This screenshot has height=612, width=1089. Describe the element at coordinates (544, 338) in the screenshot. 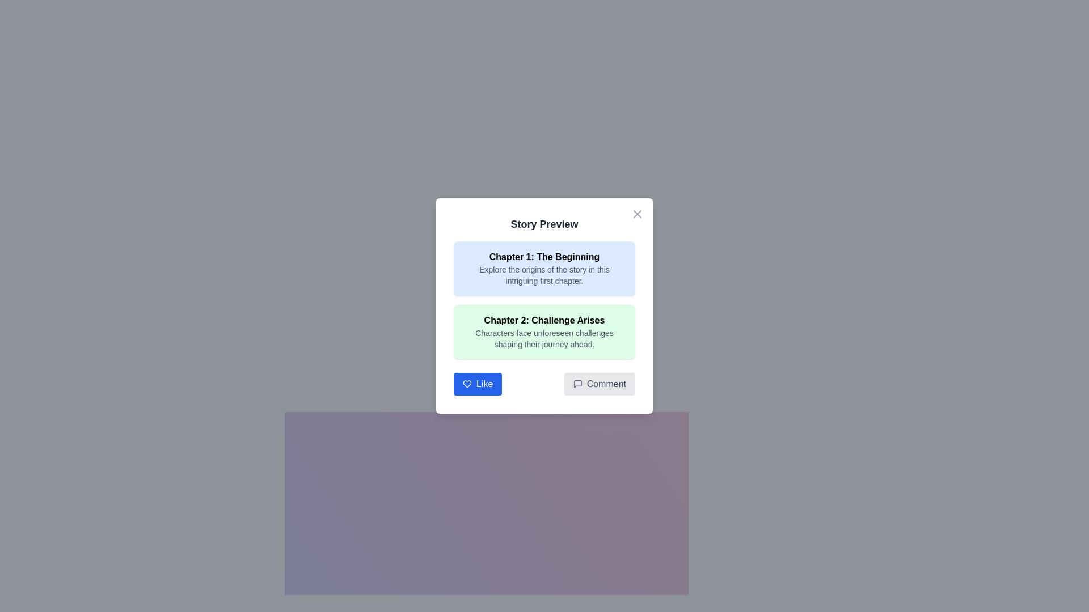

I see `the text element that reads 'Characters face unforeseen challenges shaping their journey ahead,' which is styled in gray and located within a green background box, positioned directly below the title text 'Chapter 2: Challenge Arises.'` at that location.